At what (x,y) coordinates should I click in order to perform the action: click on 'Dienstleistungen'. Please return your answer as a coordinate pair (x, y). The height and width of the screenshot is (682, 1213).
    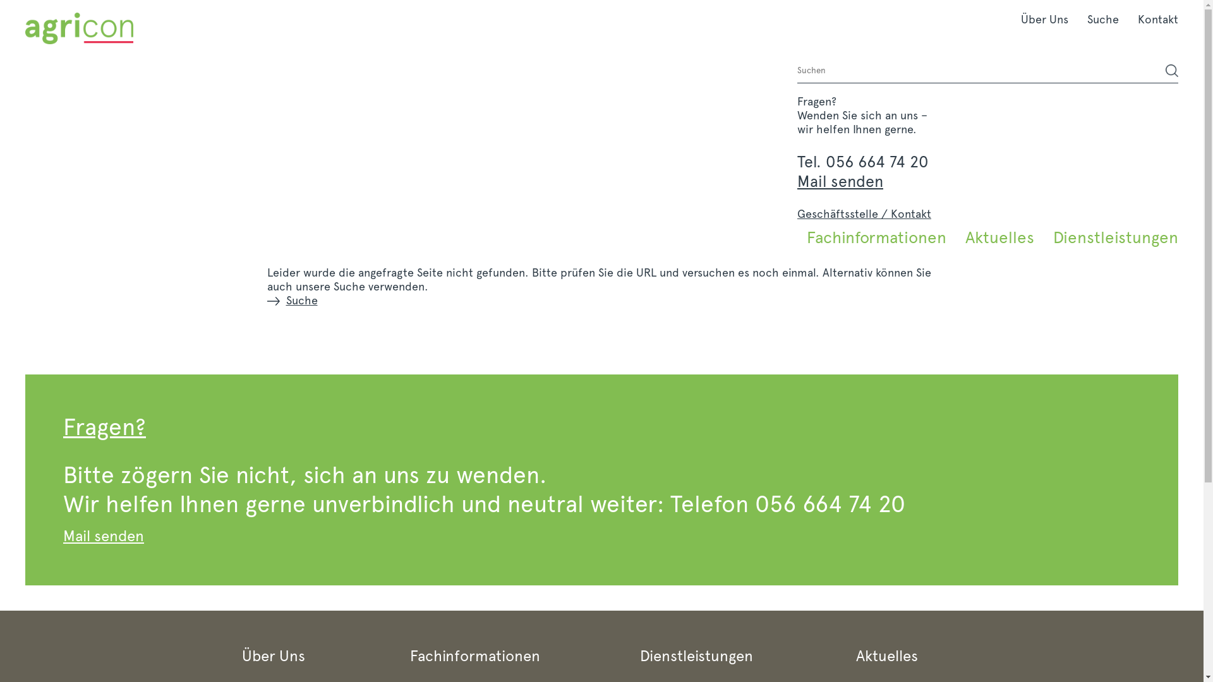
    Looking at the image, I should click on (1043, 237).